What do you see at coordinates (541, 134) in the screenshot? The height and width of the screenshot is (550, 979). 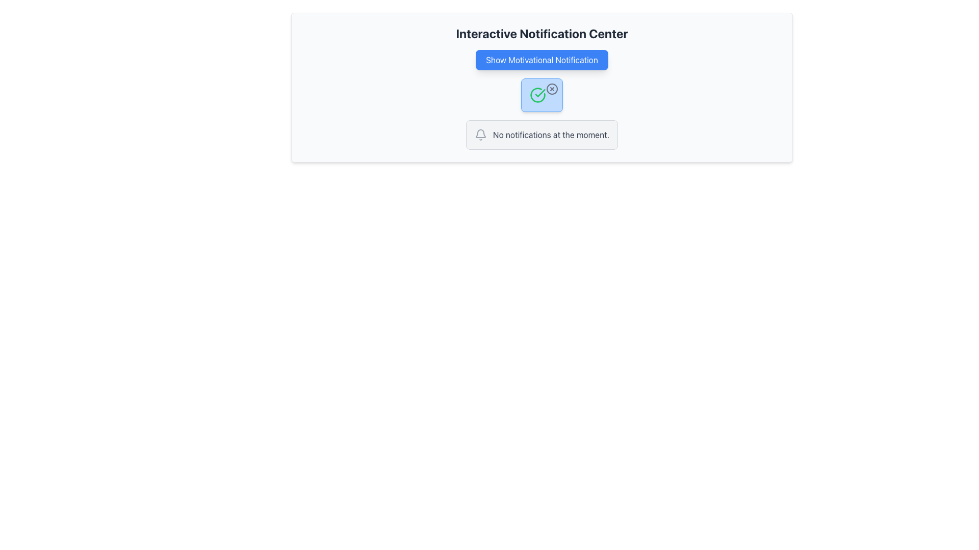 I see `the static informational component that notifies users of no active notifications, located centrally below the header 'Interactive Notification Center' and the blue button 'Show Motivational Notification'` at bounding box center [541, 134].